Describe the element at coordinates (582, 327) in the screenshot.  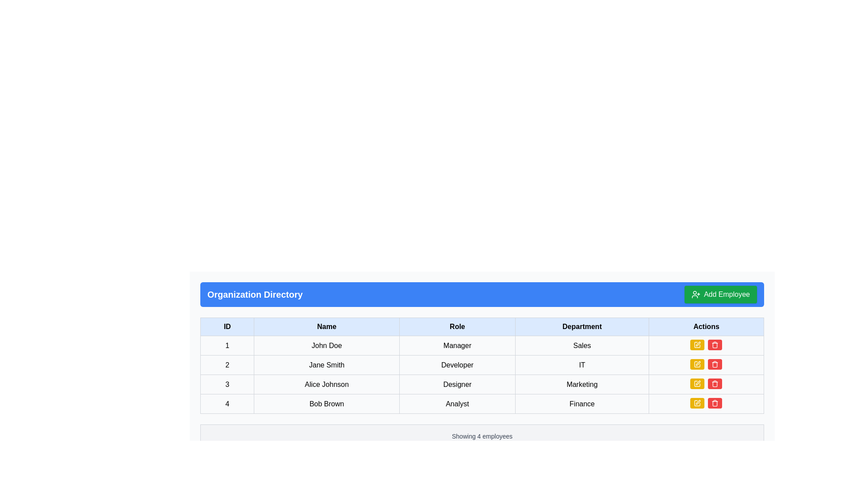
I see `the Table Header Cell that identifies the 'Department' column, which is the fourth cell from the left in the header row of the table` at that location.